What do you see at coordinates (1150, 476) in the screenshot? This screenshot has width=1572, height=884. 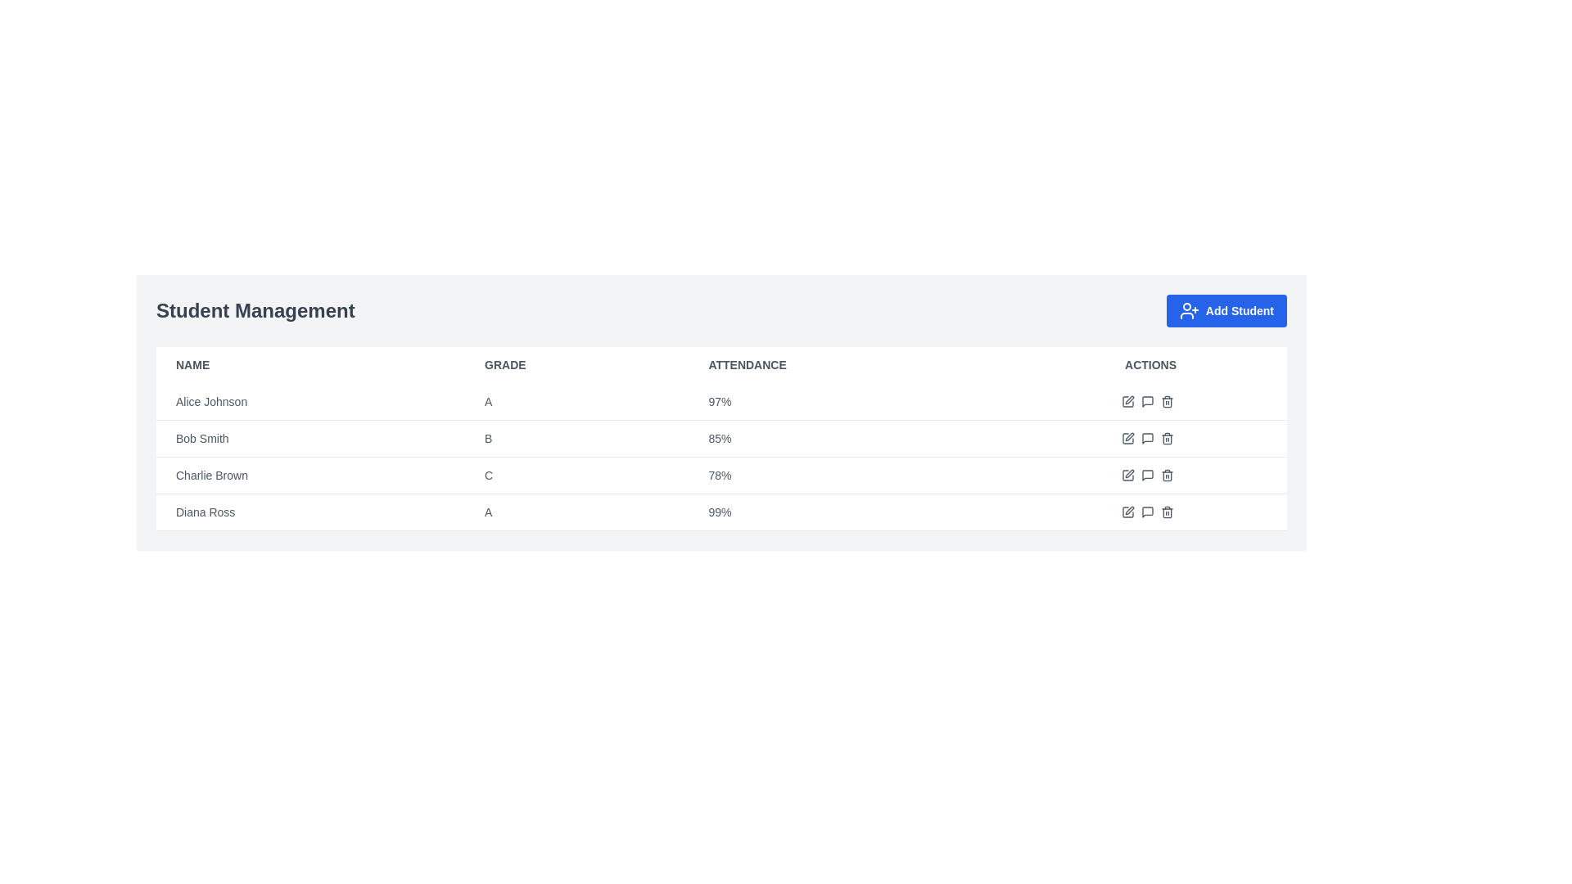 I see `the pencil icon in the Actions column of the management table for Charlie Brown` at bounding box center [1150, 476].